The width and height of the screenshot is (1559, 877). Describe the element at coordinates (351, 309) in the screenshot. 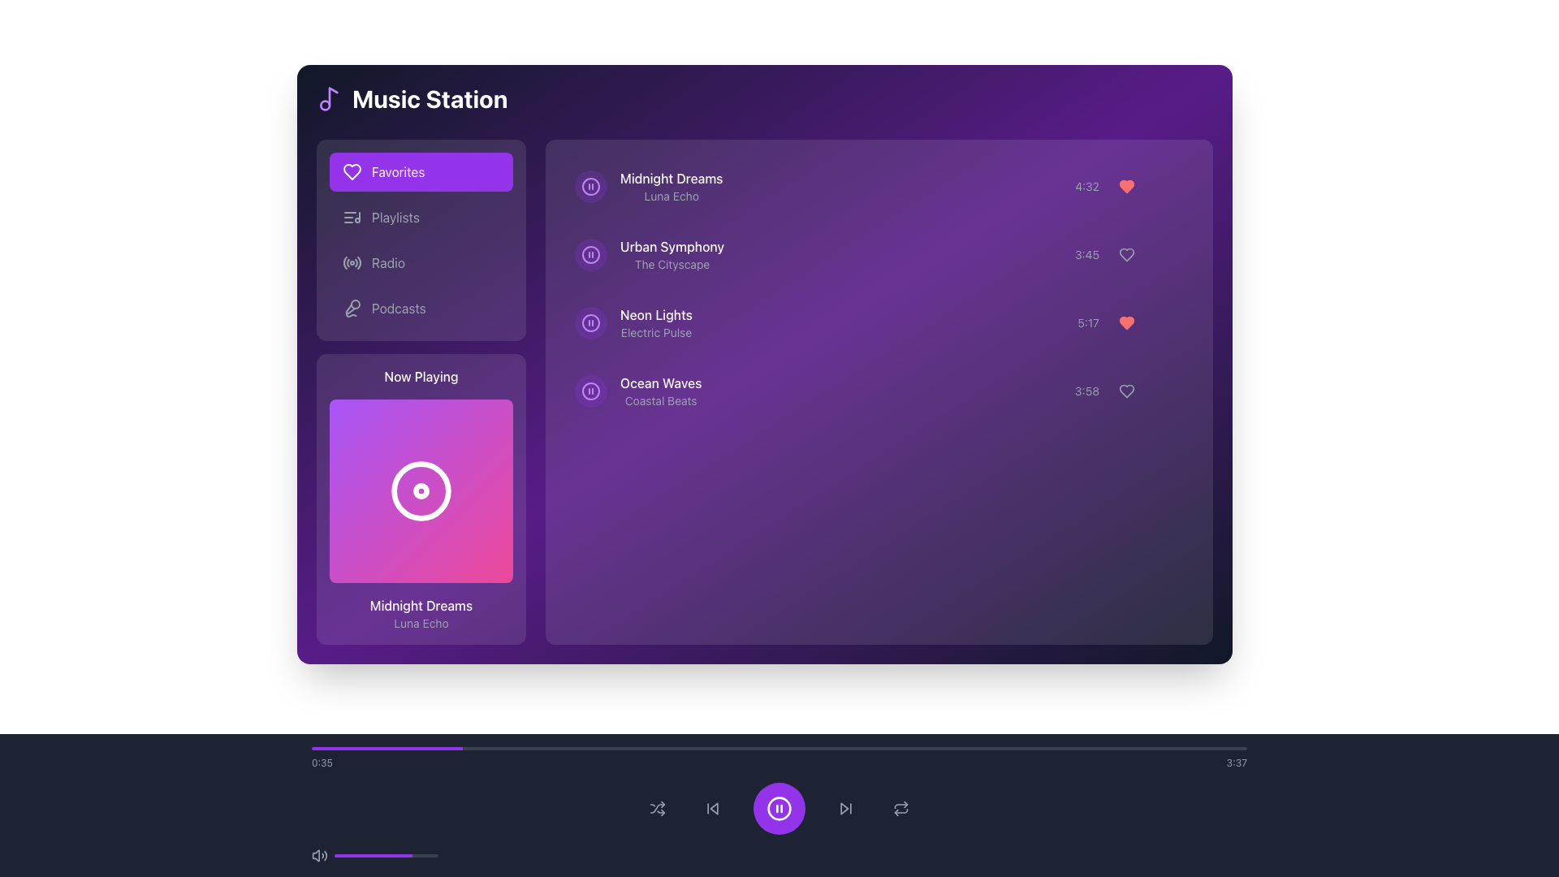

I see `the microphone icon, which is styled as a vector graphic with rounded ends and smooth curves, located to the left of the 'Podcasts' text label in the vertical menu on the left sidebar` at that location.